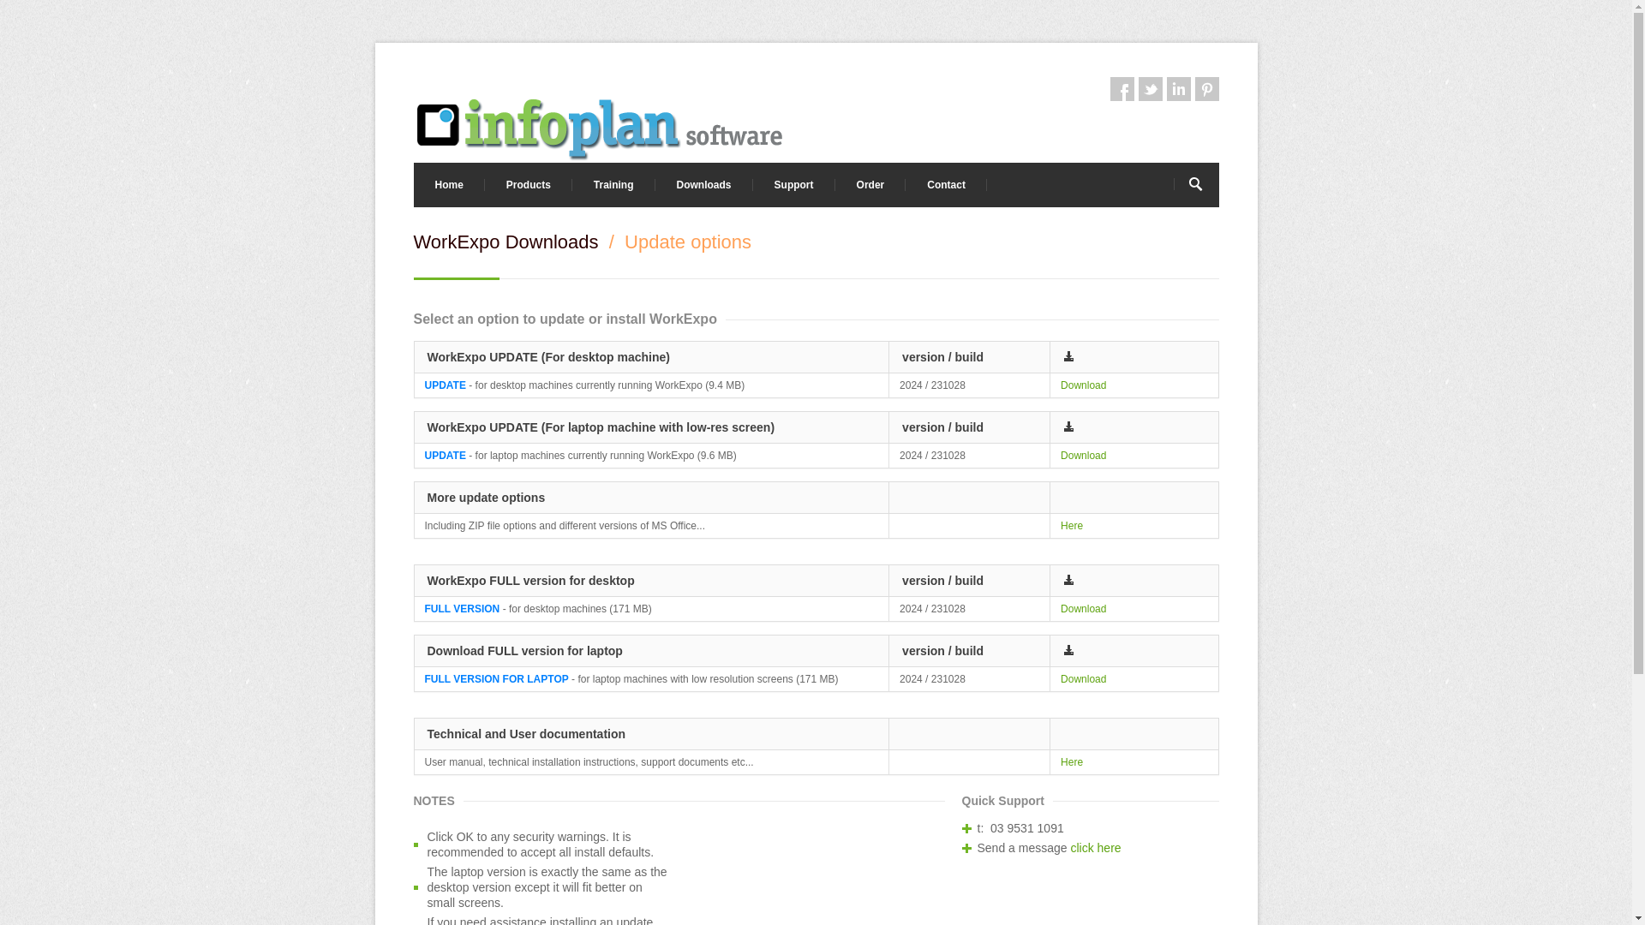 The width and height of the screenshot is (1645, 925). What do you see at coordinates (1082, 385) in the screenshot?
I see `'Download'` at bounding box center [1082, 385].